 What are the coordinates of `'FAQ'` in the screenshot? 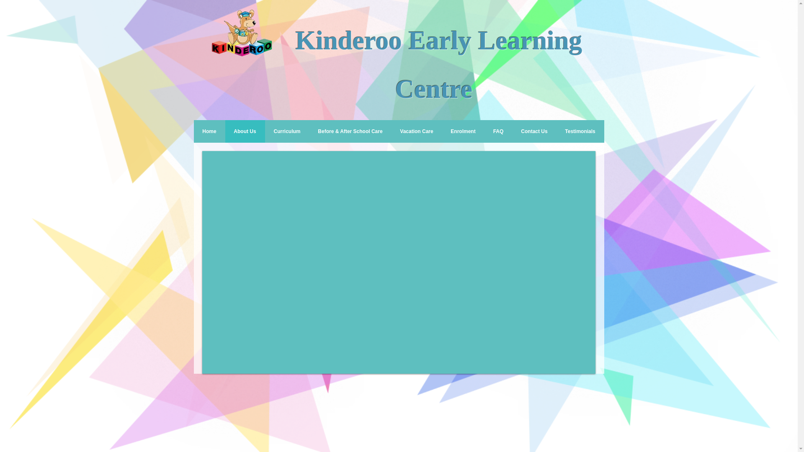 It's located at (498, 131).